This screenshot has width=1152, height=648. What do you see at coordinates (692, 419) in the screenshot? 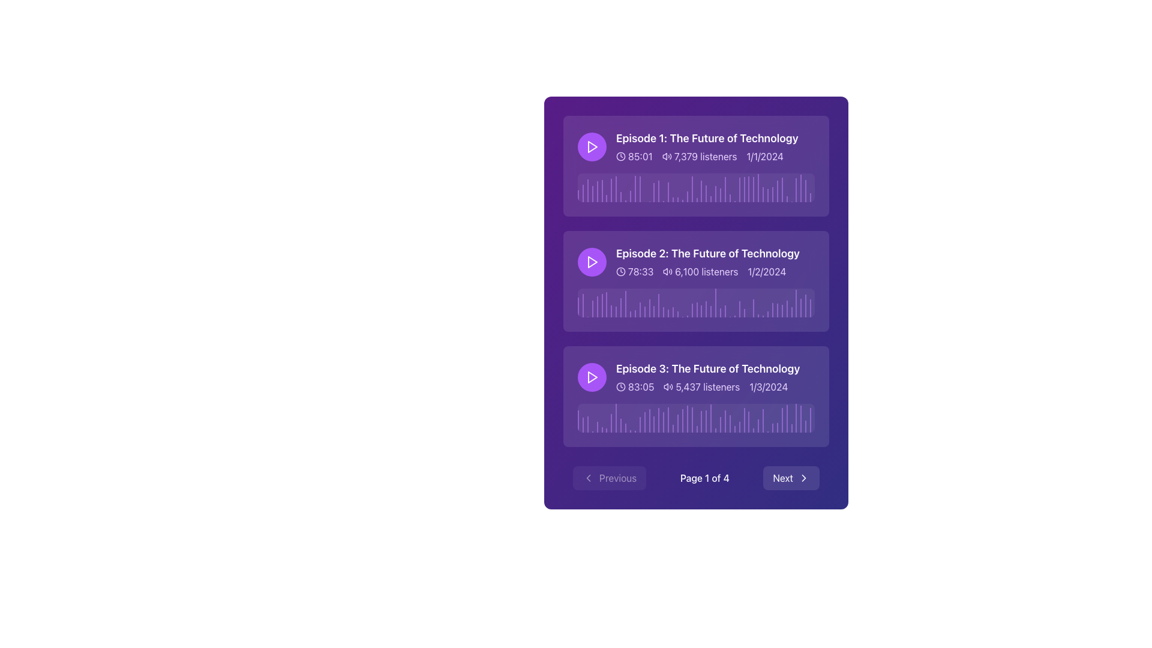
I see `the 25th vertical bar in the waveform display of 'Episode 3: The Future of Technology' in the playlist interface` at bounding box center [692, 419].